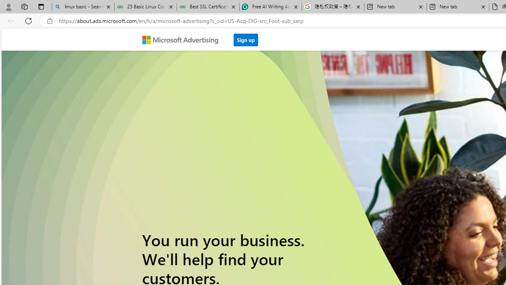 This screenshot has height=285, width=506. What do you see at coordinates (83, 7) in the screenshot?
I see `'linux basic - Search'` at bounding box center [83, 7].